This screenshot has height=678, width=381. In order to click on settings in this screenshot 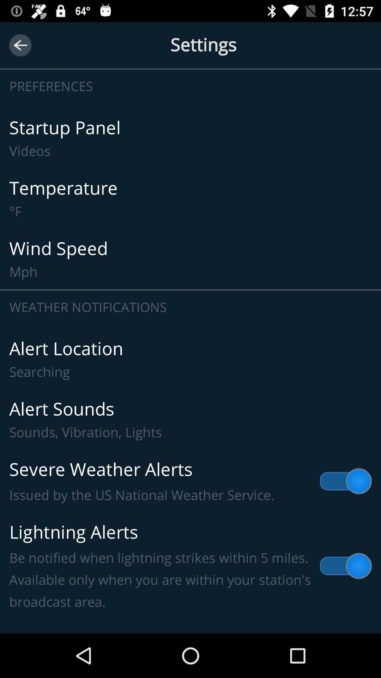, I will do `click(190, 45)`.